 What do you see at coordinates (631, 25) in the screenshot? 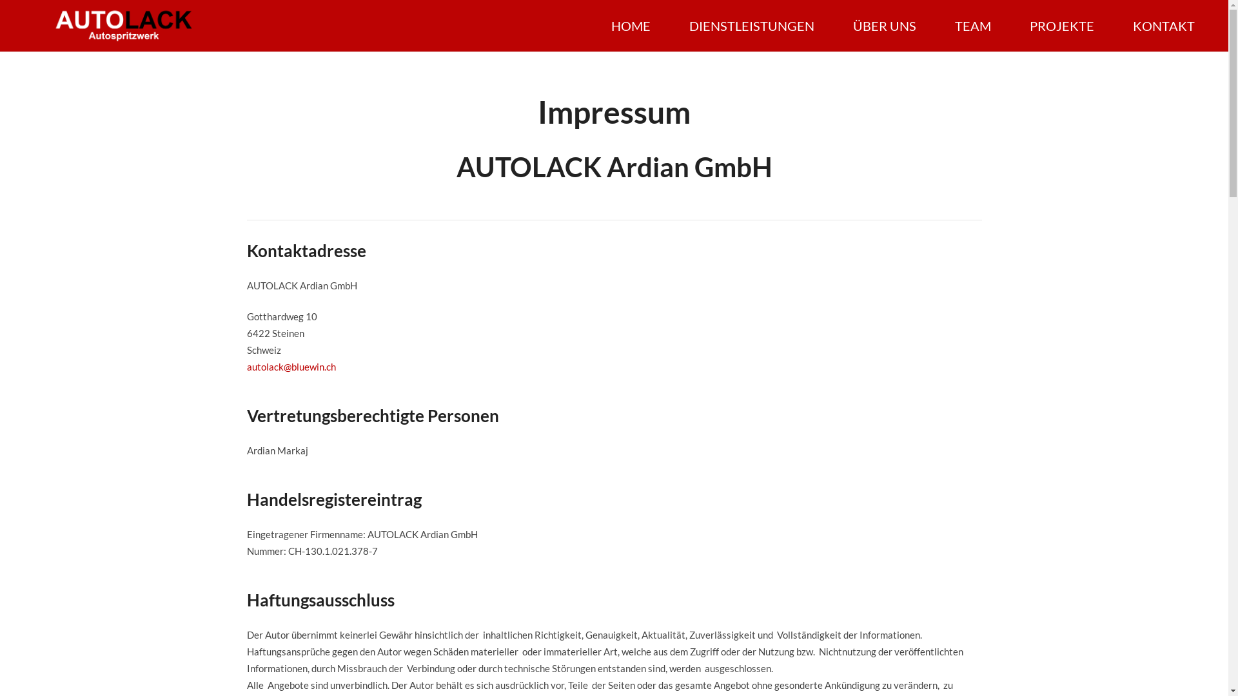
I see `'HOME'` at bounding box center [631, 25].